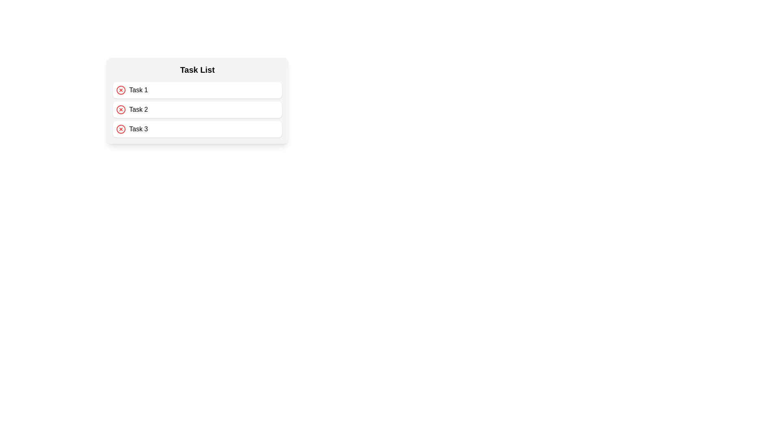 This screenshot has width=780, height=439. I want to click on the inner circle of the delete icon for the second task in the vertical task list, so click(120, 110).